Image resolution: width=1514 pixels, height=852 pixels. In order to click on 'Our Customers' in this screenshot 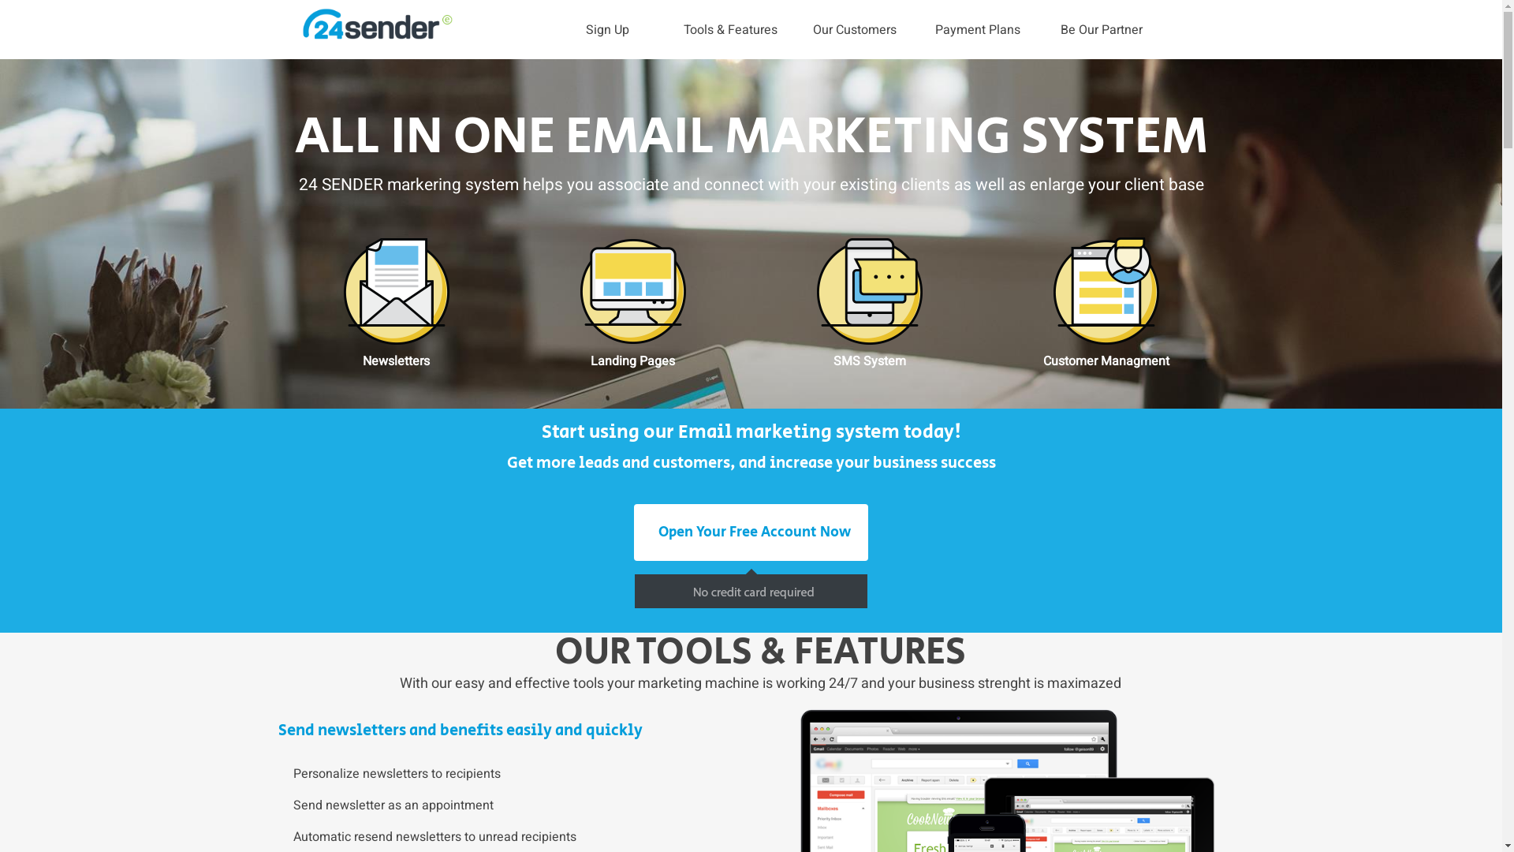, I will do `click(796, 29)`.